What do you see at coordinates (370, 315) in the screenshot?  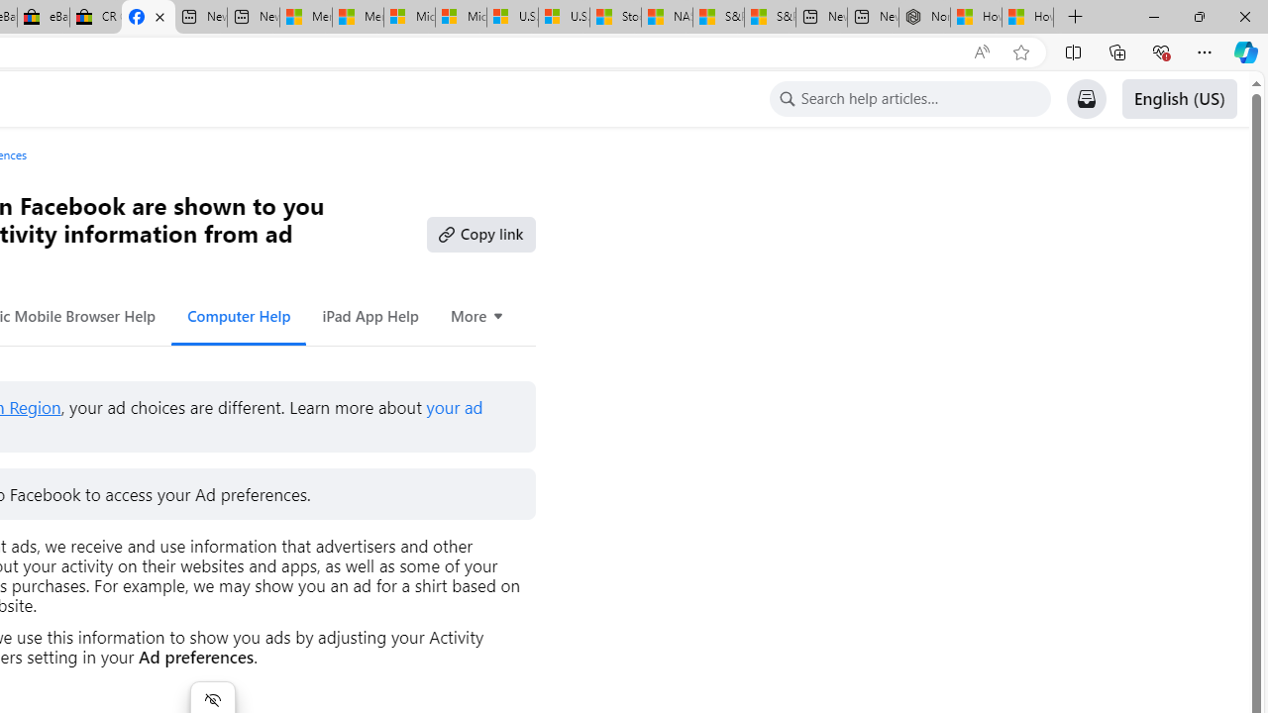 I see `'iPad App Help'` at bounding box center [370, 315].